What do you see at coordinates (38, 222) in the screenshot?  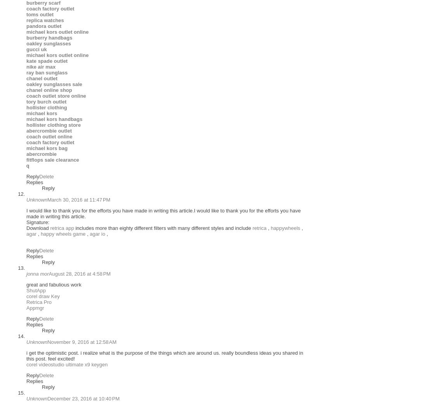 I see `'Signature:'` at bounding box center [38, 222].